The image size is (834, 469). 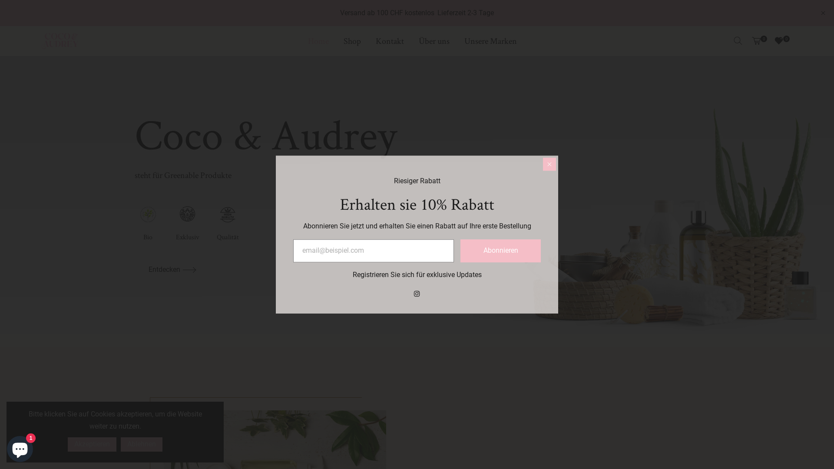 I want to click on 'Ablehnen', so click(x=142, y=444).